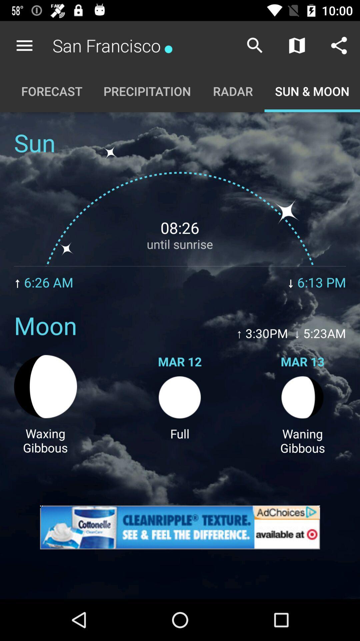  Describe the element at coordinates (24, 45) in the screenshot. I see `item above the forecast` at that location.